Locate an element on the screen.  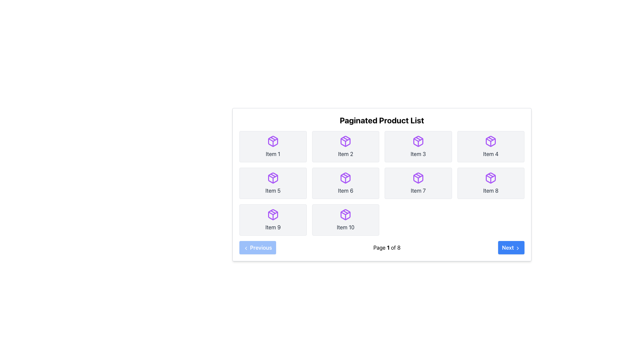
the 'Previous' button icon, which is an SVG graphic indicating navigation to the preceding page, located at the bottom-left corner of the UI is located at coordinates (246, 248).